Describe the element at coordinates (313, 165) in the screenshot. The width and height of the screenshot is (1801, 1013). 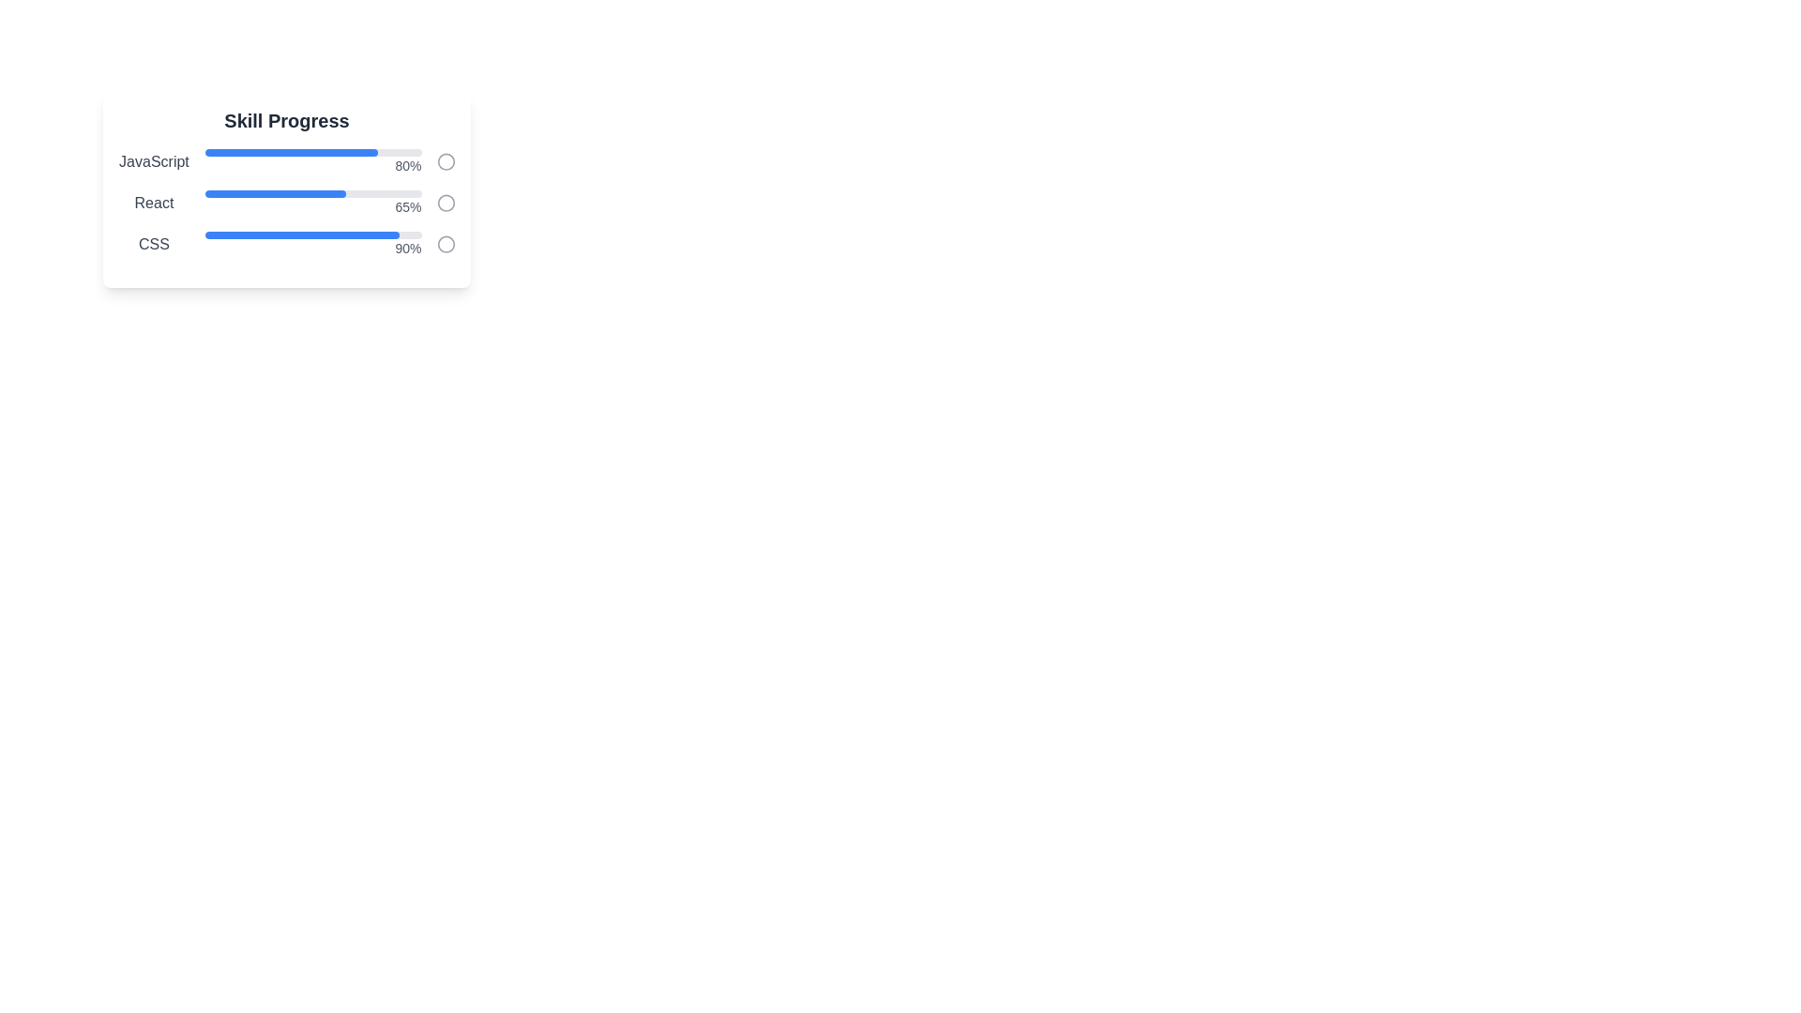
I see `the text label displaying '80%' which is styled with a small gray font and aligned to the right, located adjacent to the progress bar labeled 'JavaScript'` at that location.